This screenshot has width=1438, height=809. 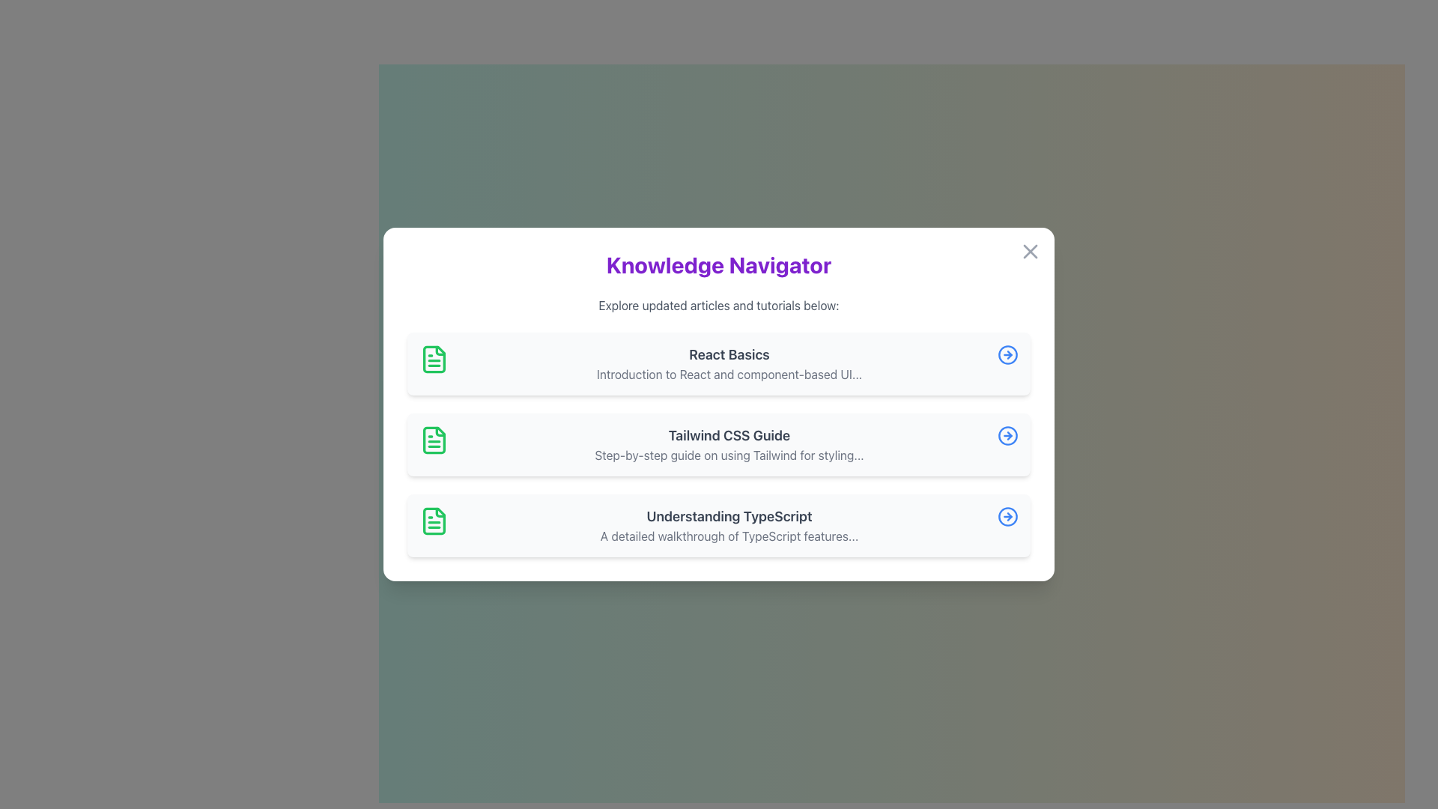 What do you see at coordinates (729, 455) in the screenshot?
I see `text label that provides a brief description related to the 'Tailwind CSS Guide' heading positioned below it` at bounding box center [729, 455].